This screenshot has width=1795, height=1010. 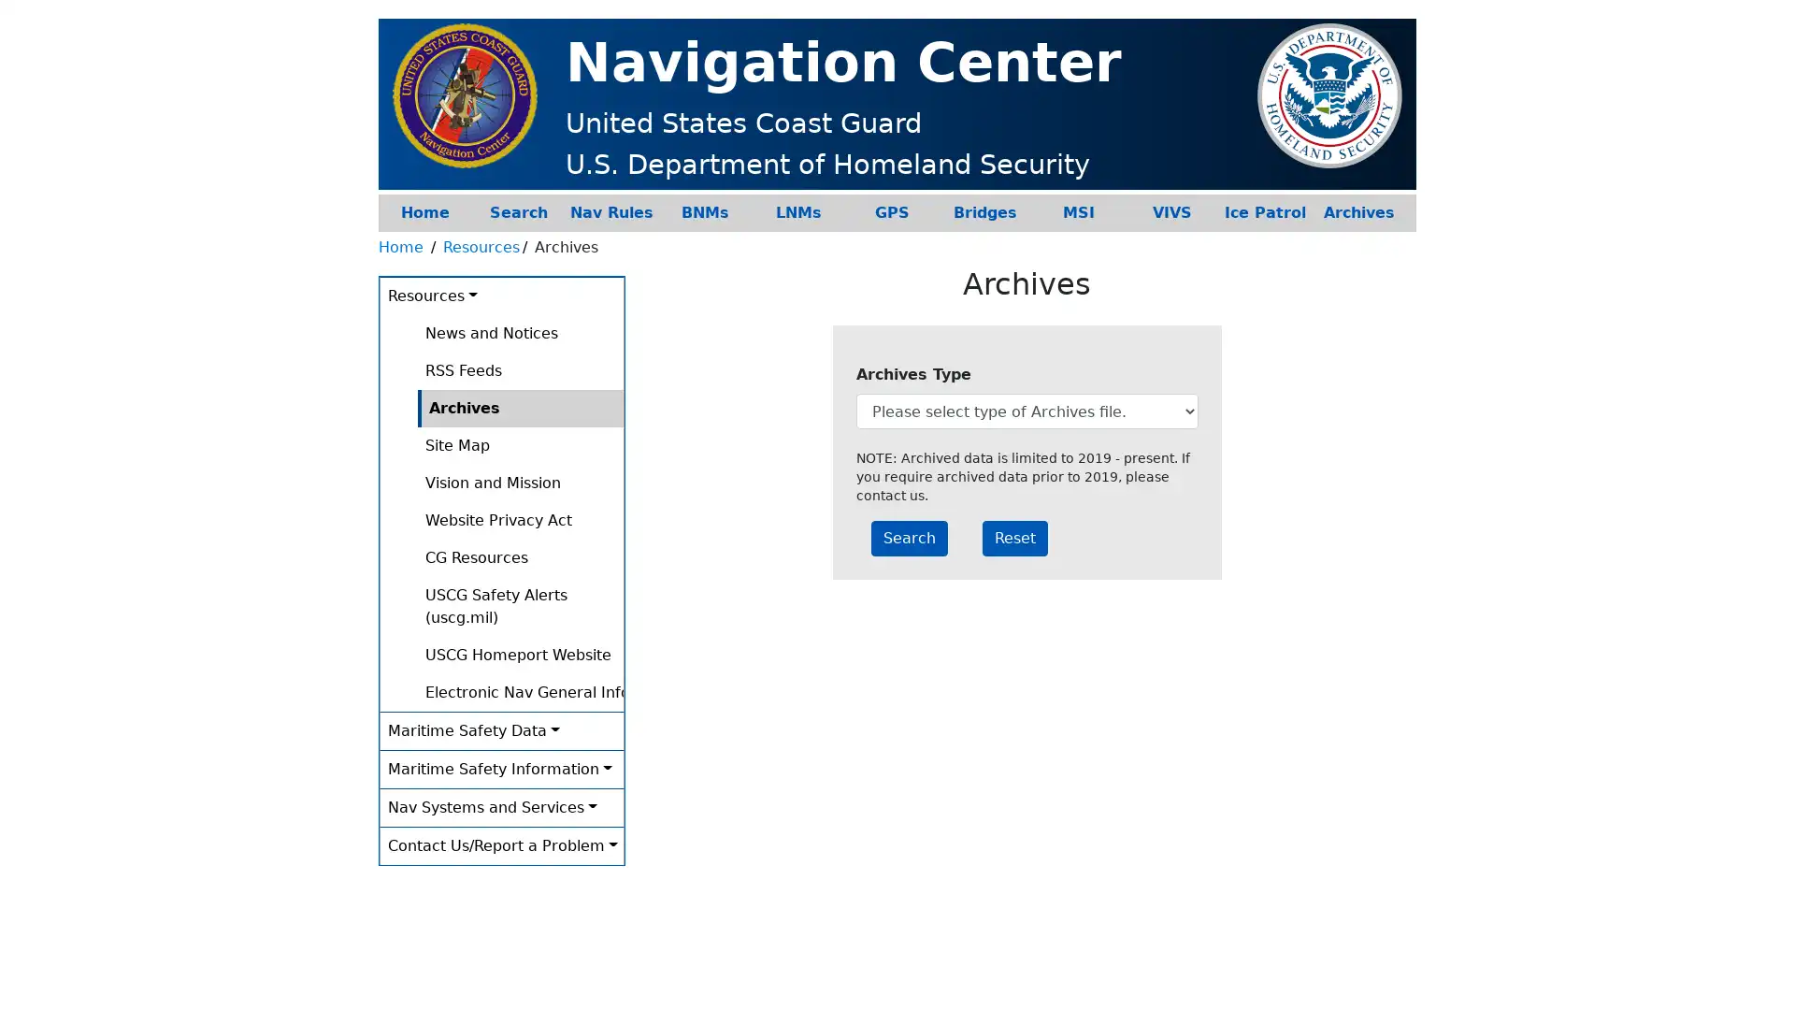 What do you see at coordinates (908, 537) in the screenshot?
I see `Search` at bounding box center [908, 537].